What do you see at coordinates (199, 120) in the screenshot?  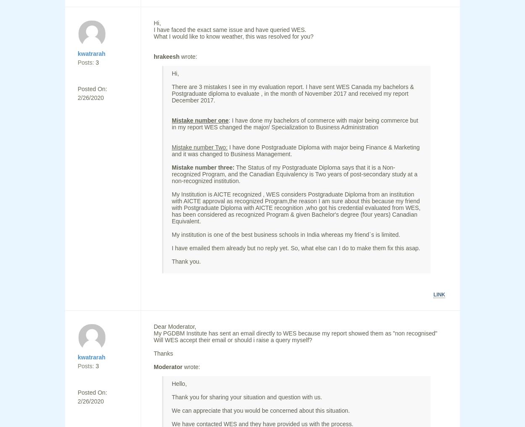 I see `'Mistake number one'` at bounding box center [199, 120].